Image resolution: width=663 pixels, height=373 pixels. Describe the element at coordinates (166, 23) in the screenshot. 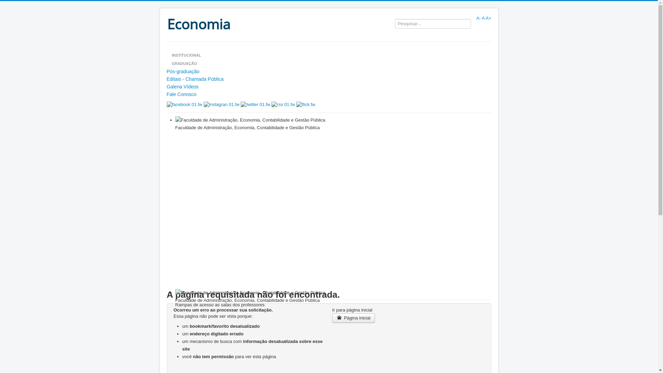

I see `'Economia'` at that location.